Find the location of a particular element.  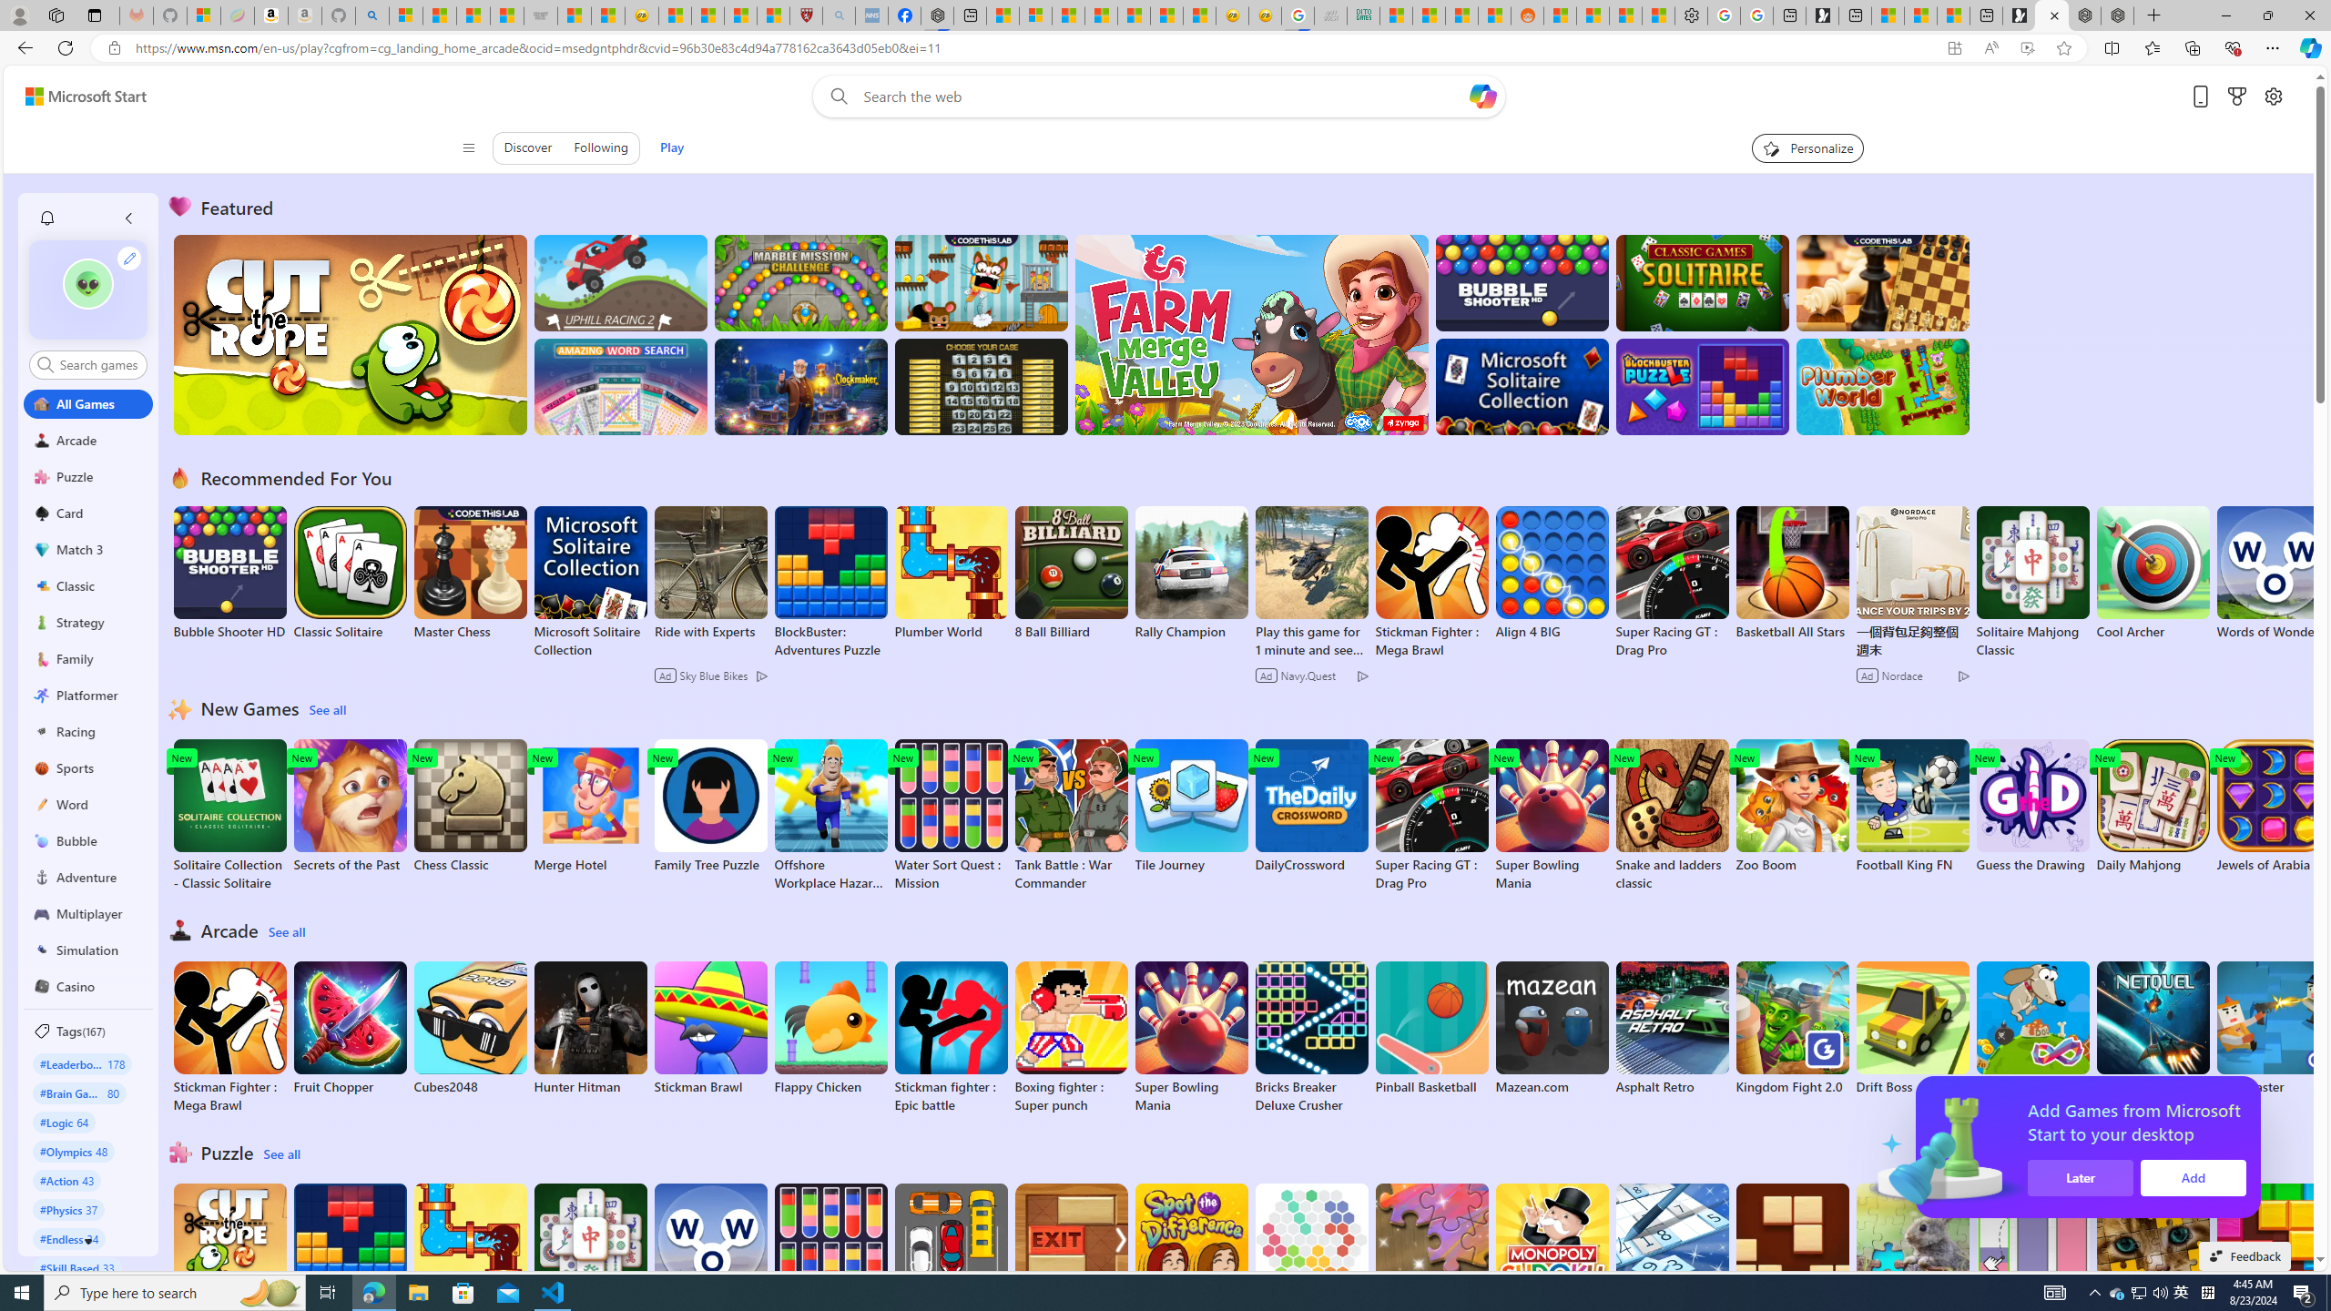

'Merge Hotel' is located at coordinates (590, 806).